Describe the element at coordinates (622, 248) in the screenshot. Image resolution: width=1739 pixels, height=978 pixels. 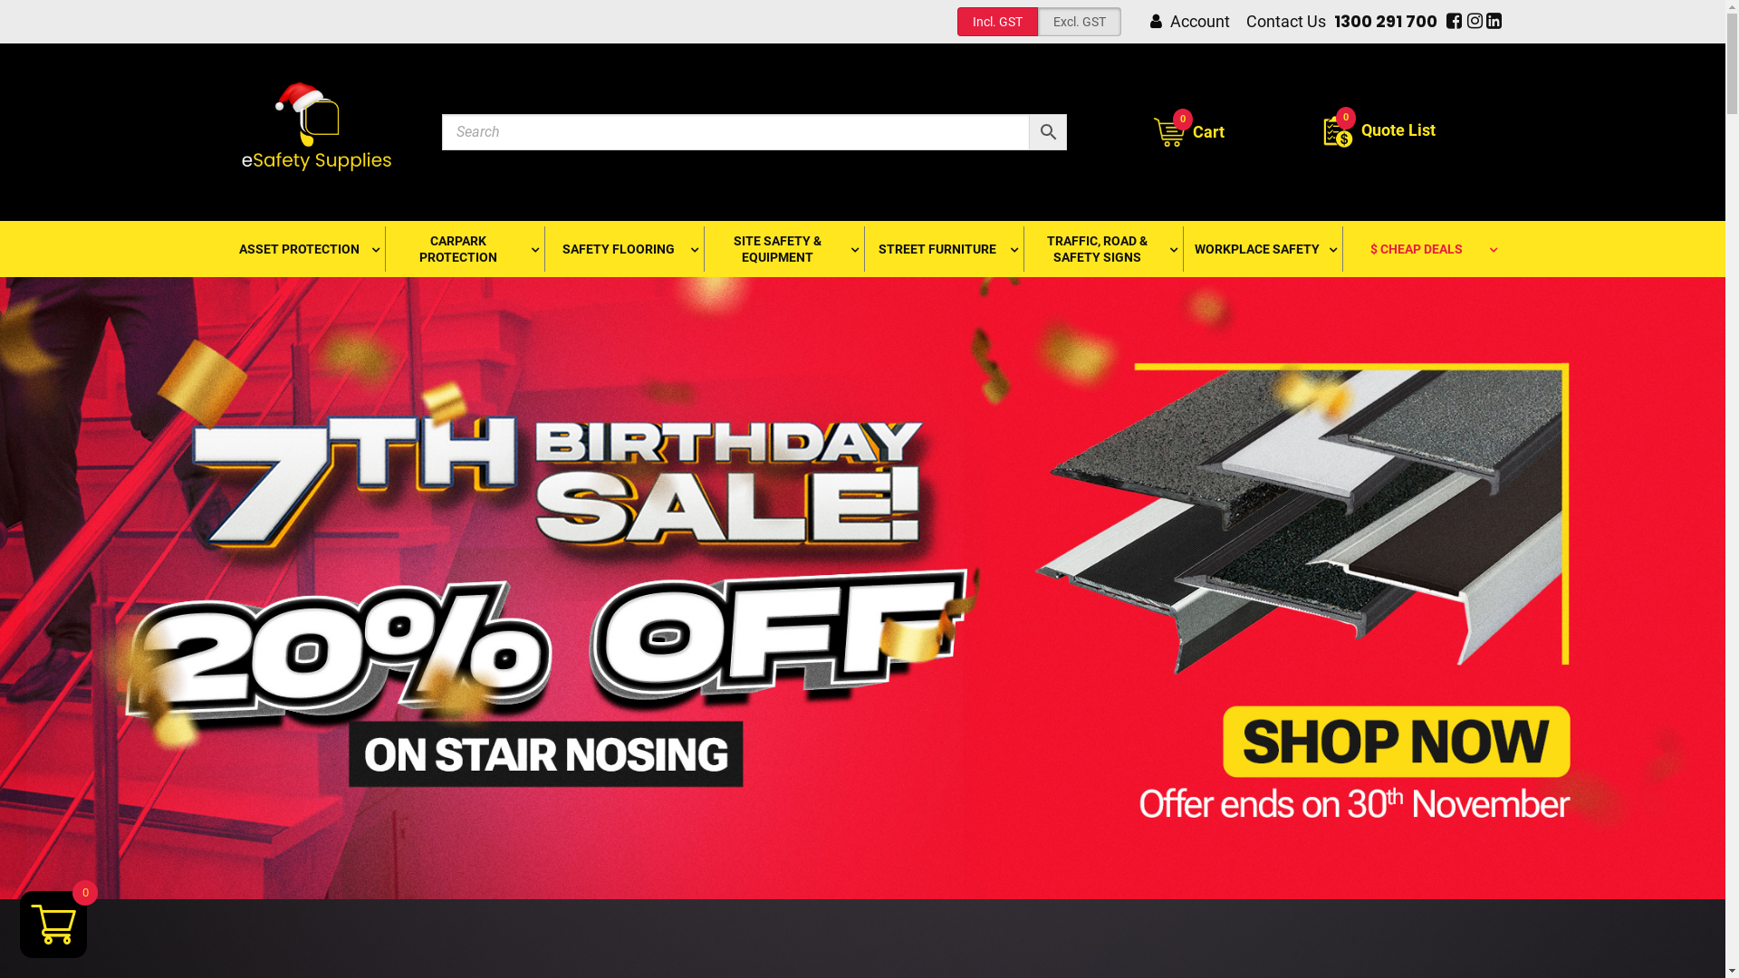
I see `'SAFETY FLOORING'` at that location.